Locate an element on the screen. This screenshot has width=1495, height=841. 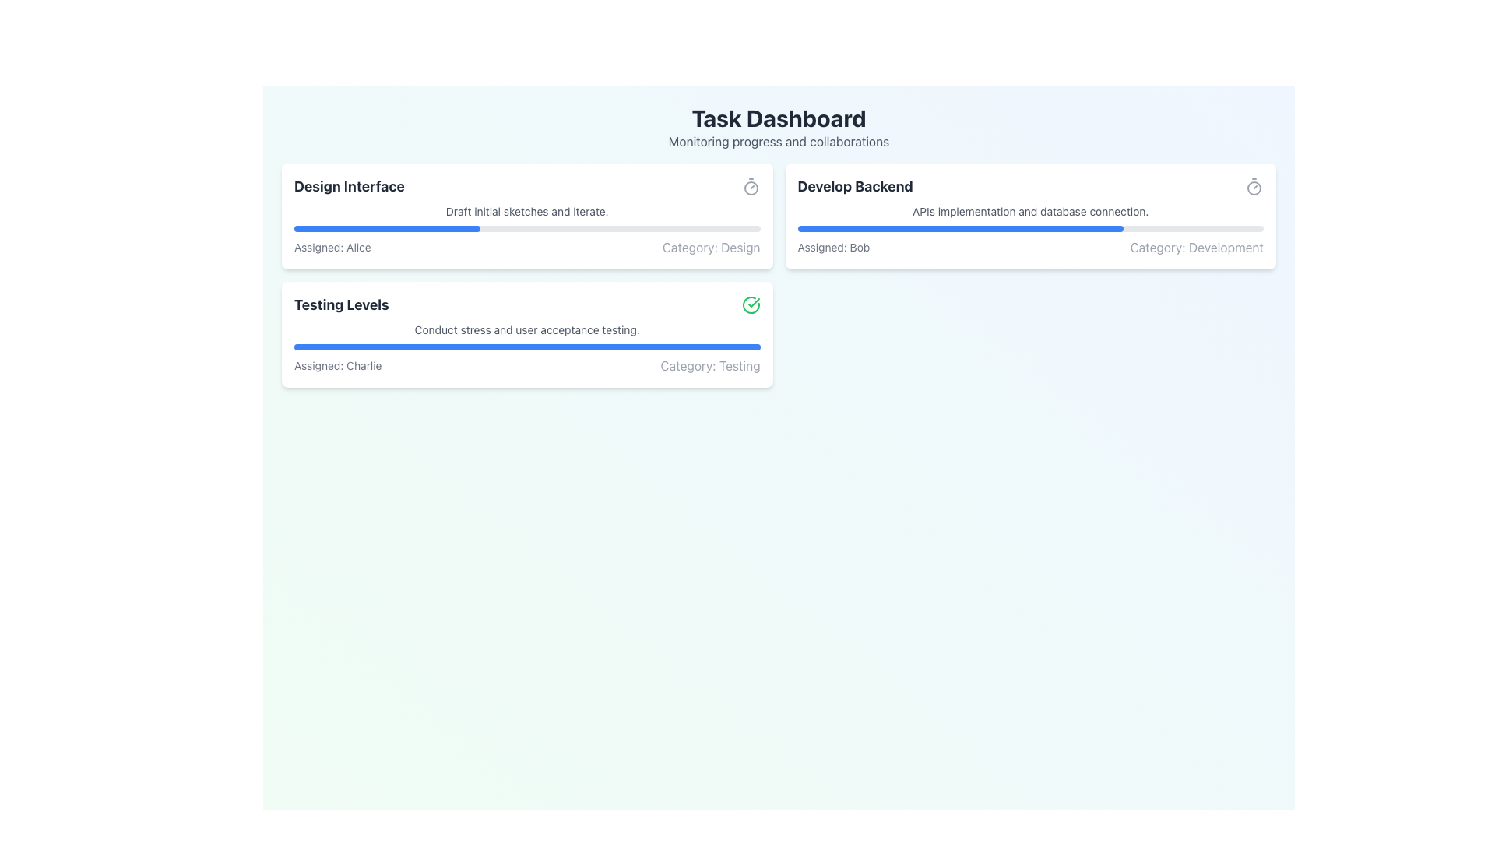
the task card UI component located at the top of the left column in the dashboard is located at coordinates (527, 216).